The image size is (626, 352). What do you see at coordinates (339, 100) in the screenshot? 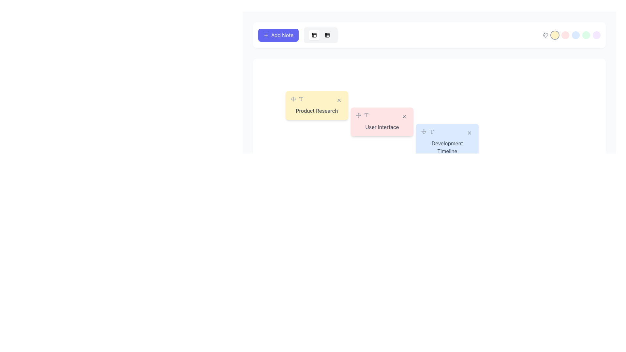
I see `the close button located at the top-right corner of the 'Product Research' yellow card` at bounding box center [339, 100].